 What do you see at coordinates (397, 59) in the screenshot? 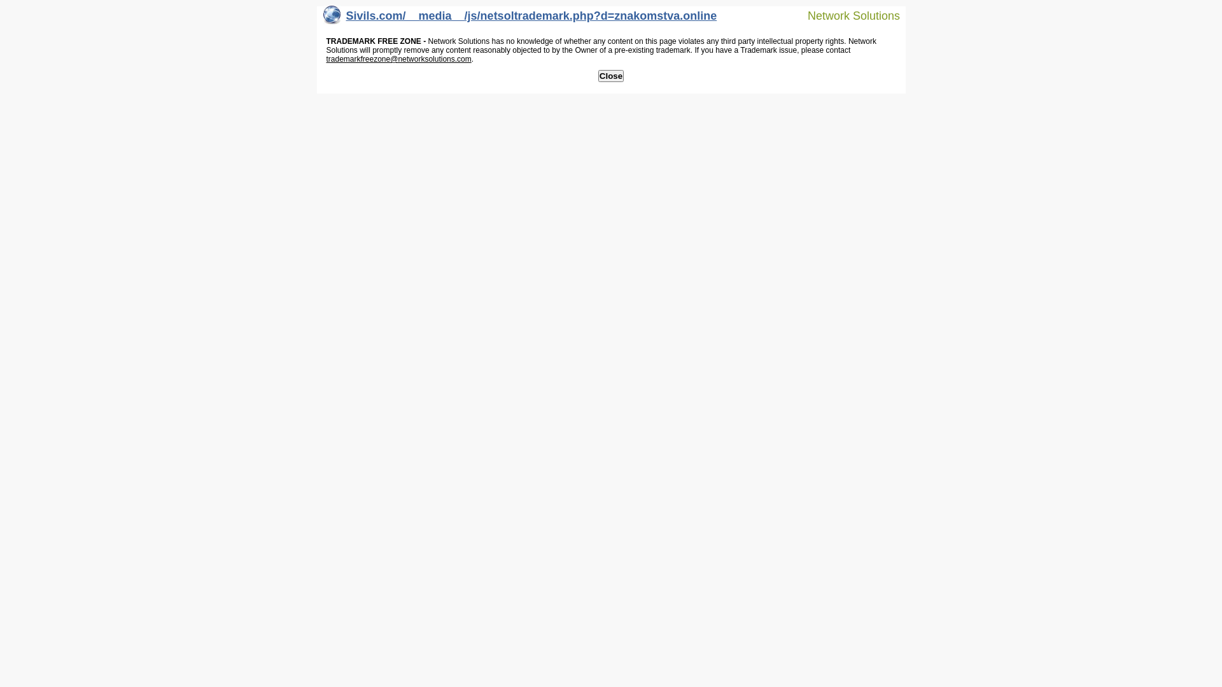
I see `'trademarkfreezone@networksolutions.com'` at bounding box center [397, 59].